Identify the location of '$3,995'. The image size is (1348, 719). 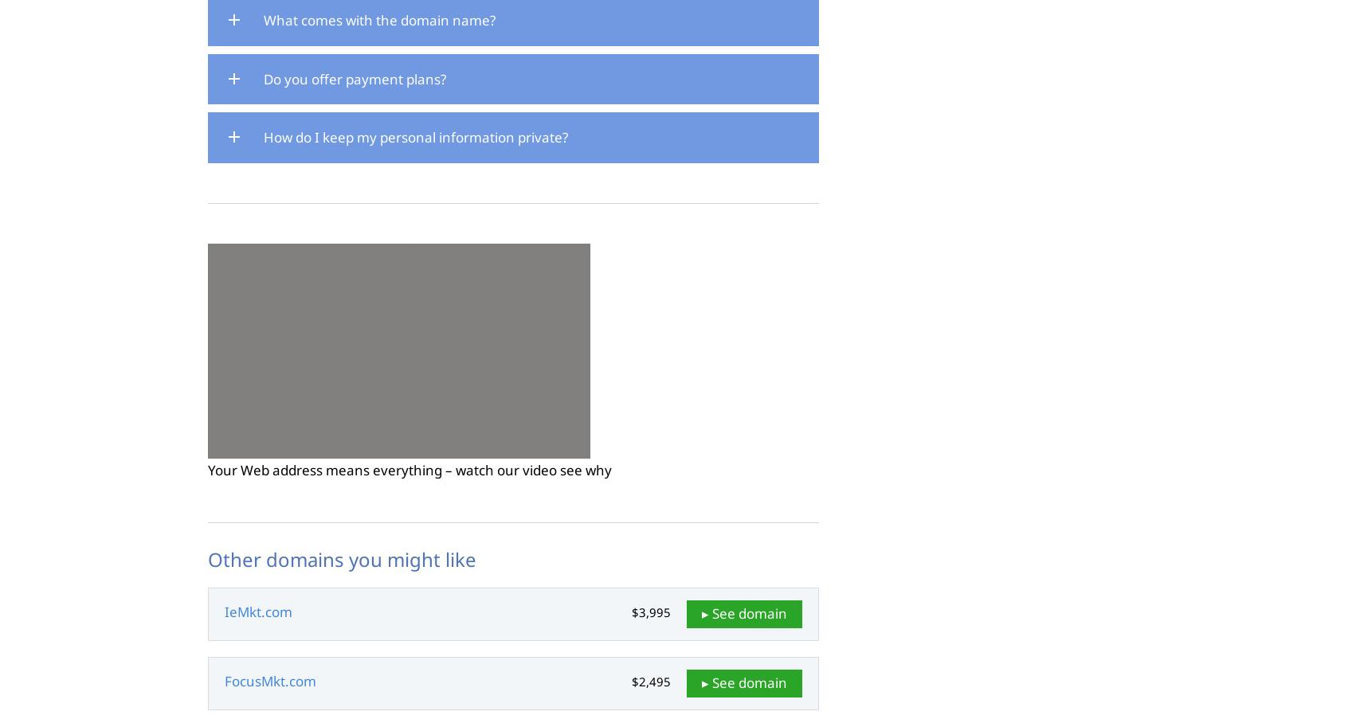
(651, 612).